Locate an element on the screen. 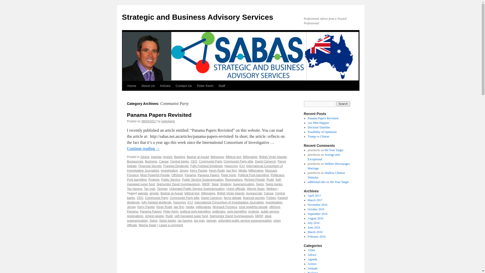 This screenshot has height=273, width=485. 'Agenda' is located at coordinates (156, 157).